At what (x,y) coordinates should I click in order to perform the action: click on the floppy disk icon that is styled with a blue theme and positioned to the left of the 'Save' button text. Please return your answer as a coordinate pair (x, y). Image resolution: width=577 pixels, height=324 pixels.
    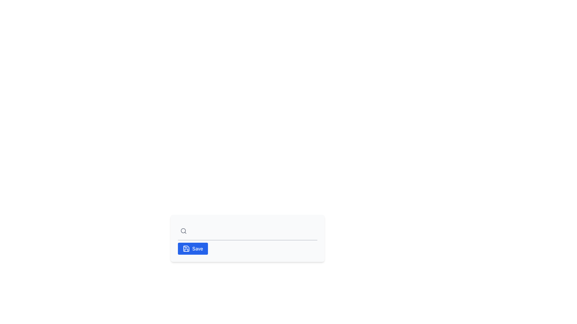
    Looking at the image, I should click on (186, 249).